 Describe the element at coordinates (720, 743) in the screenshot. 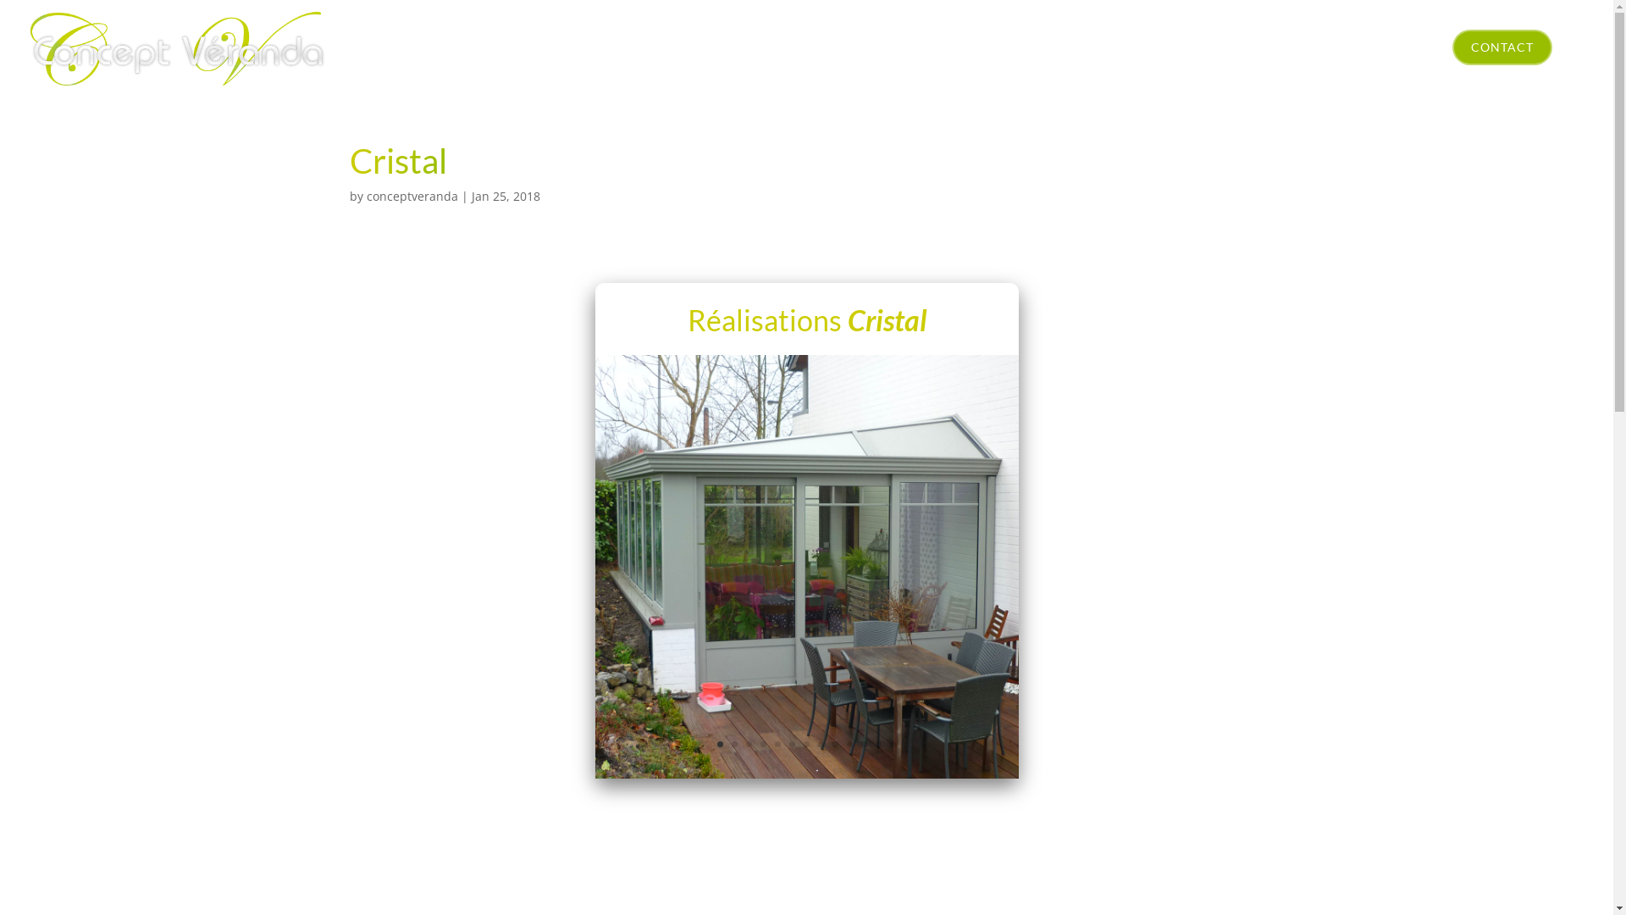

I see `'1'` at that location.